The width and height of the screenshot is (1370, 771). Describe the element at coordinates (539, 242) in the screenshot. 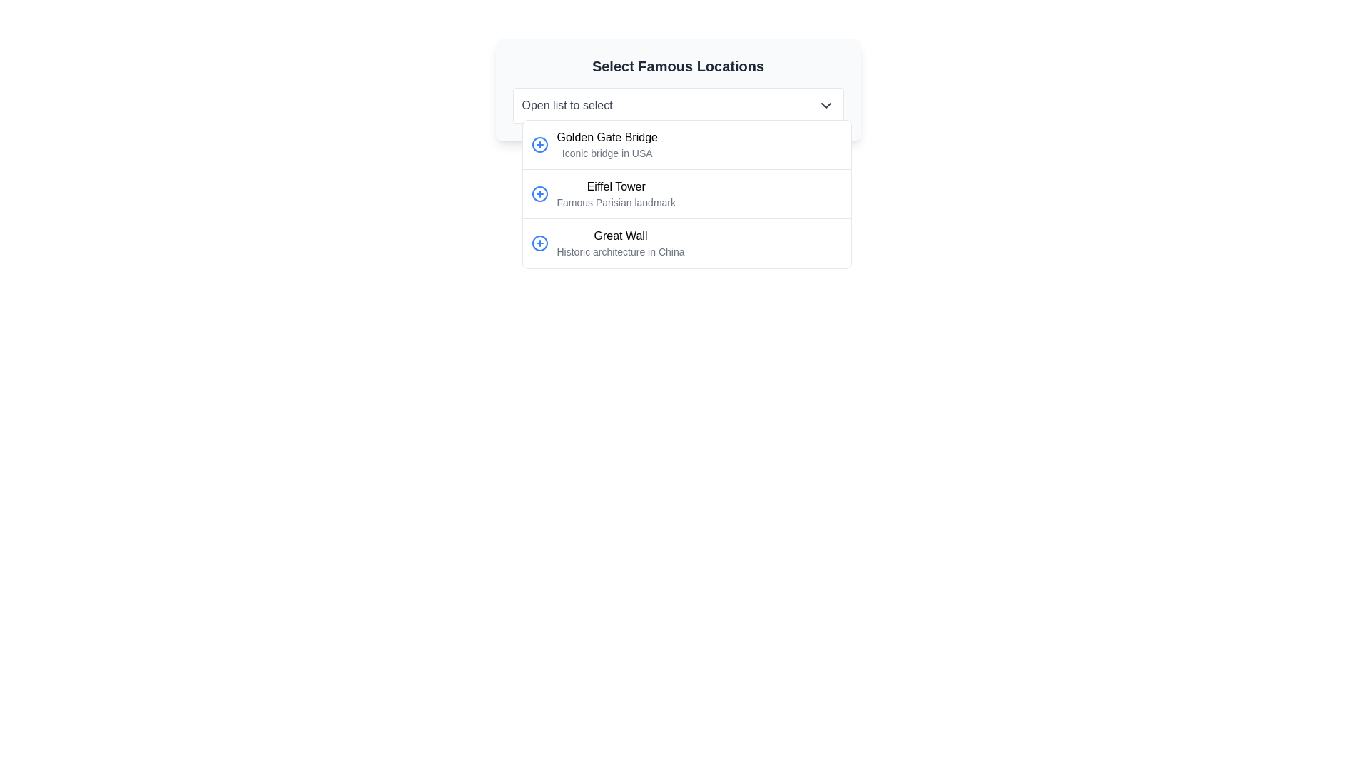

I see `the blue circular Circle Plus Icon Button with a plus sign located to the left of the 'Great Wall' entry title to initiate an add action` at that location.